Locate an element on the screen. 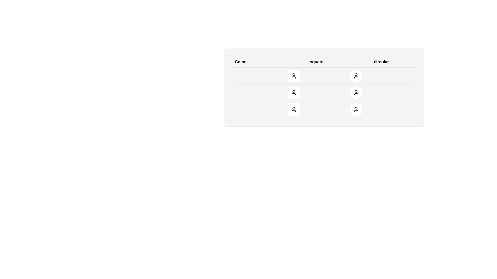  the circular icon with a black user silhouette on a white background to interact with the associated user/profile is located at coordinates (356, 92).